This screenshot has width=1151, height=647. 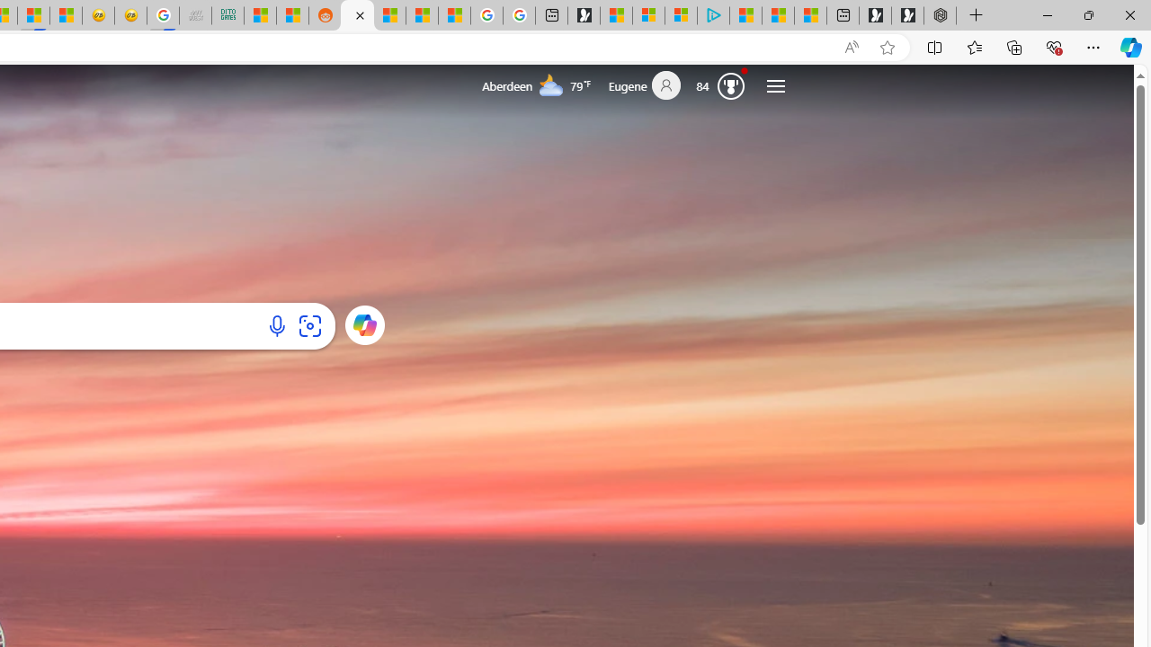 What do you see at coordinates (357, 15) in the screenshot?
I see `'Bing'` at bounding box center [357, 15].